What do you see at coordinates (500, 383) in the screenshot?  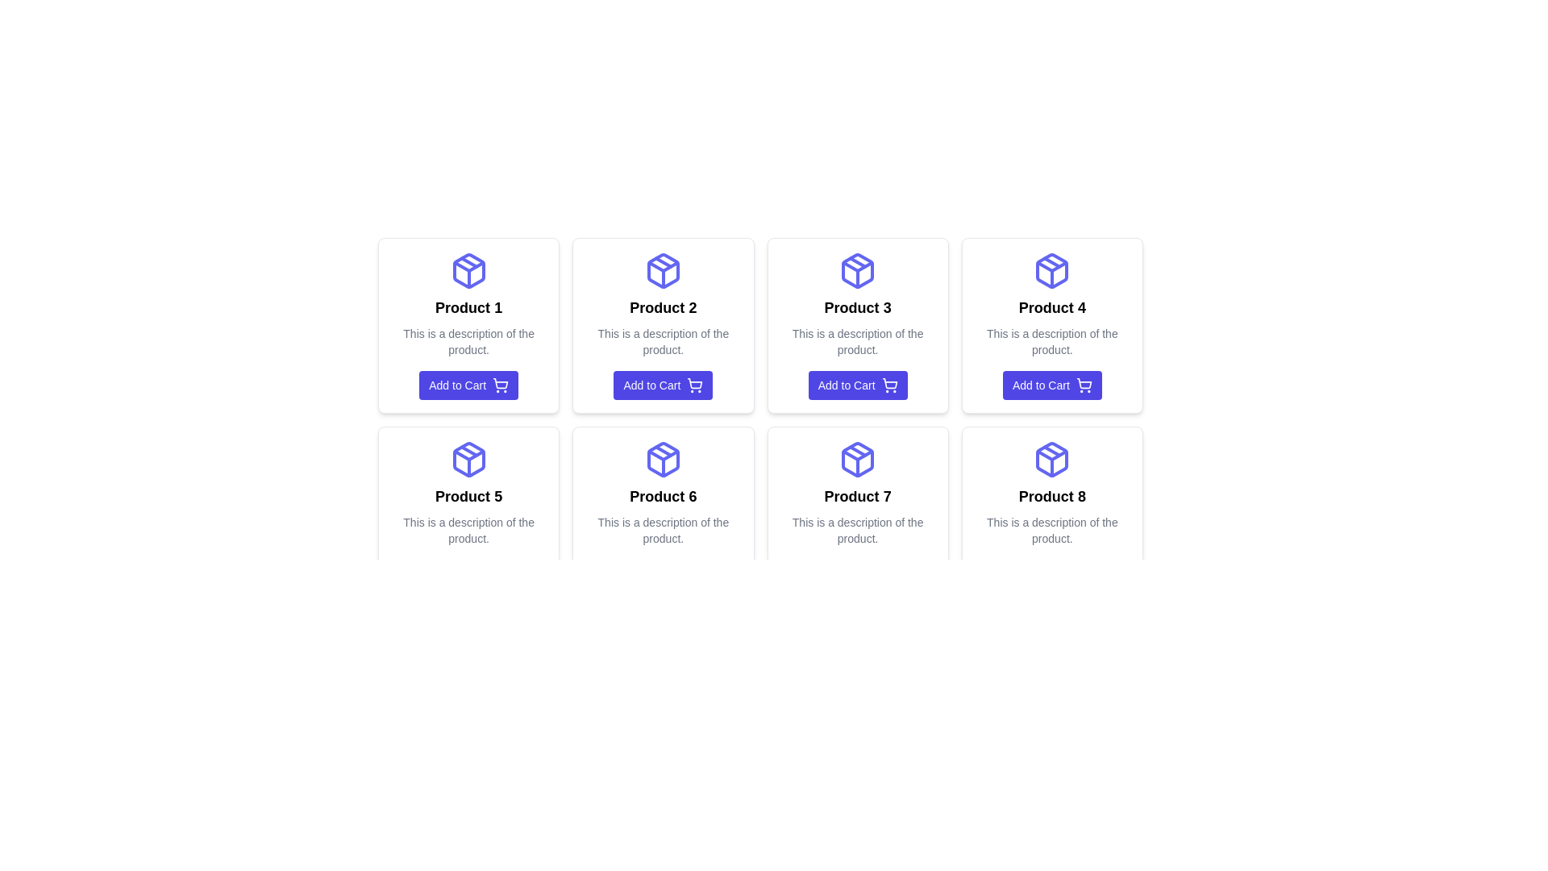 I see `the shopping cart SVG icon within the 'Add to Cart' button for 'Product 1'` at bounding box center [500, 383].